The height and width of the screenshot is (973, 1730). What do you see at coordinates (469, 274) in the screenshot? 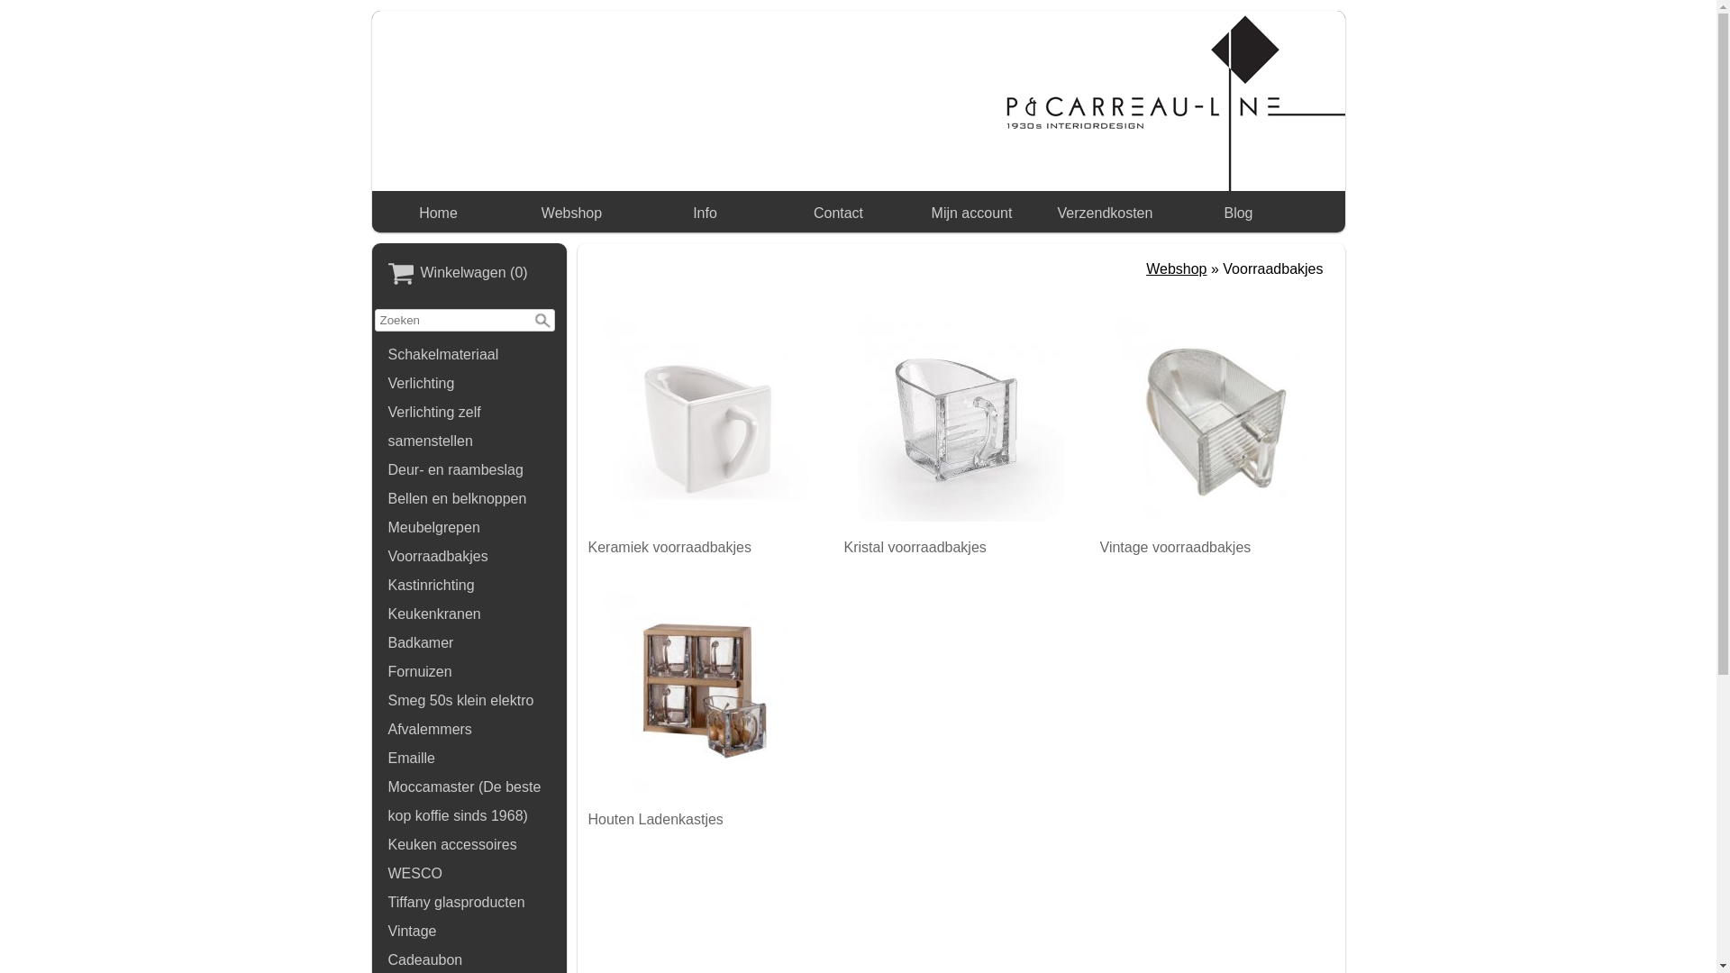
I see `'WinkelwagenWinkelwagen (0)'` at bounding box center [469, 274].